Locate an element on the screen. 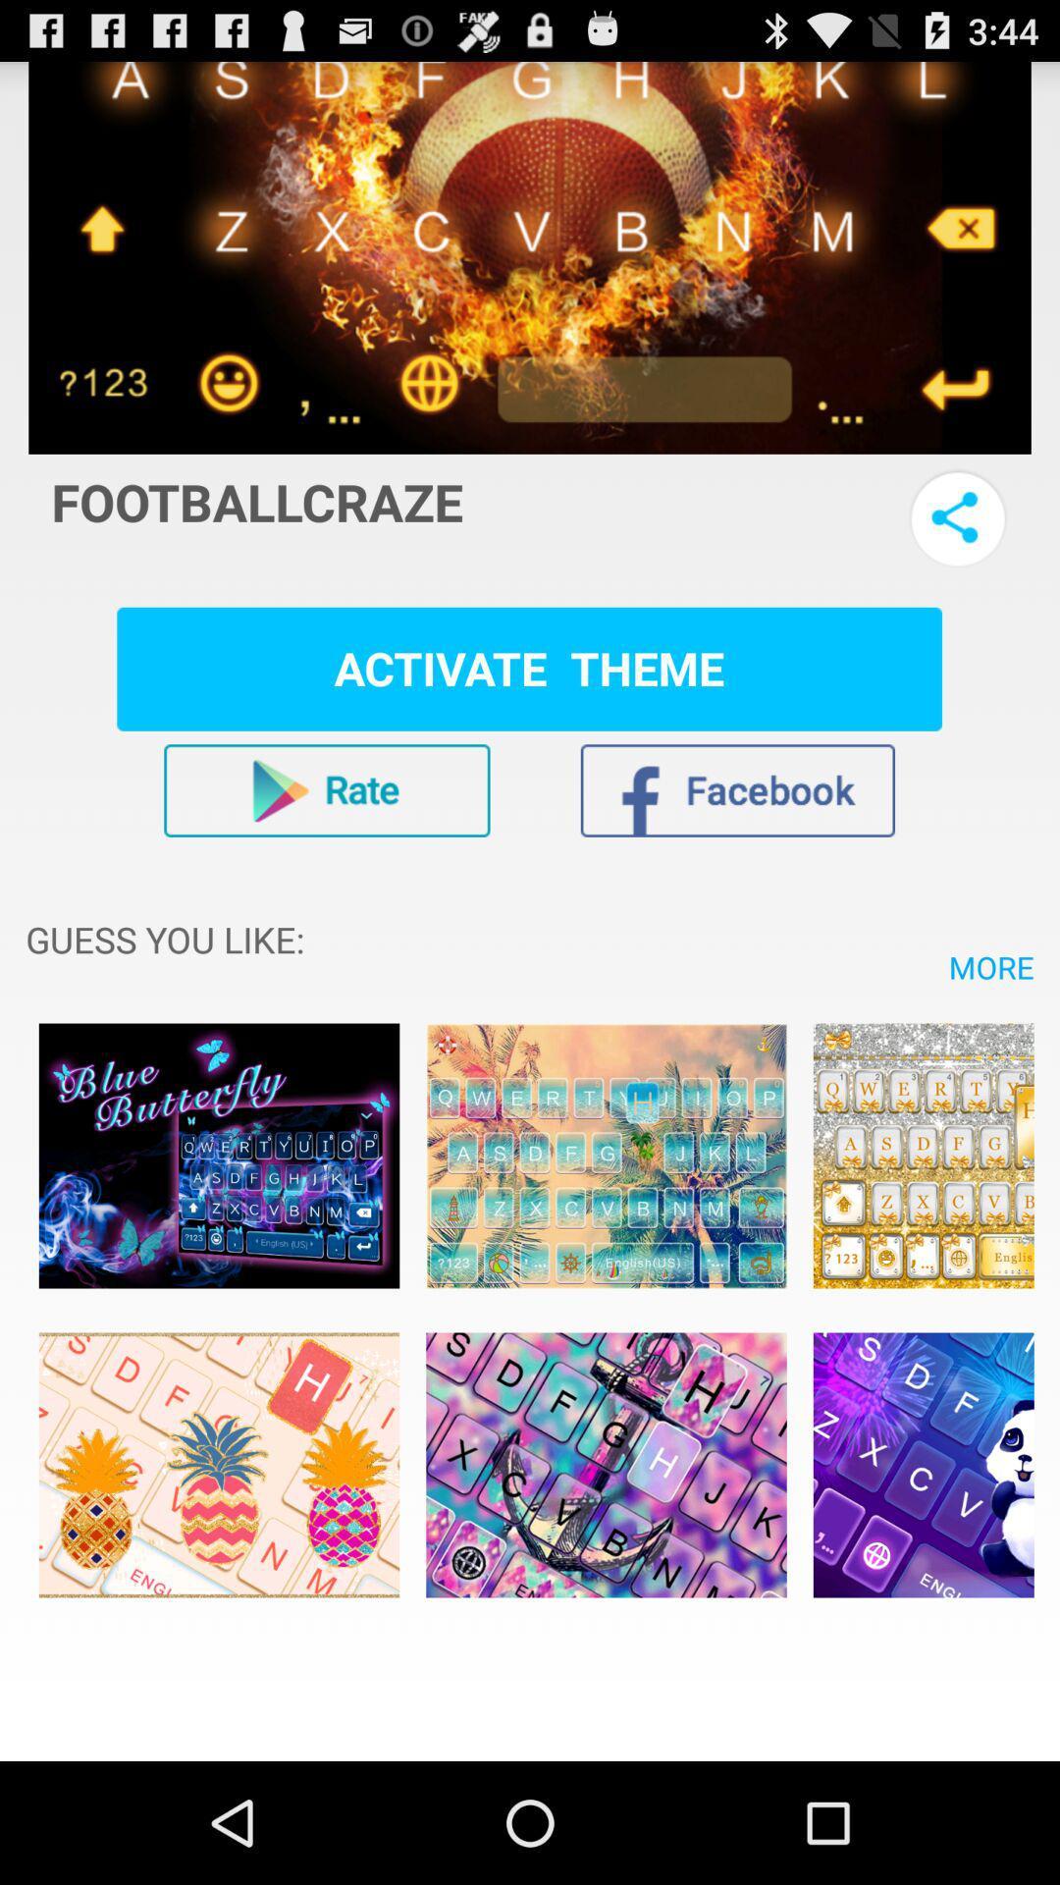  keyboard typing option is located at coordinates (924, 1465).